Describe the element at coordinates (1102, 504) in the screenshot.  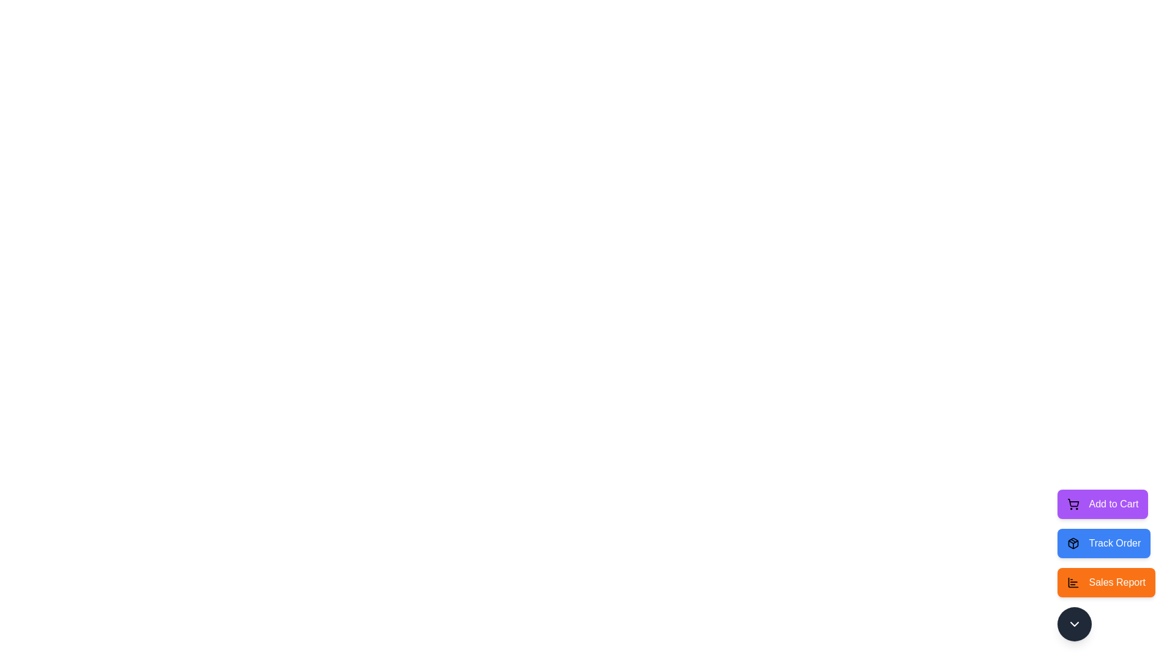
I see `the 'Add to Cart' button` at that location.